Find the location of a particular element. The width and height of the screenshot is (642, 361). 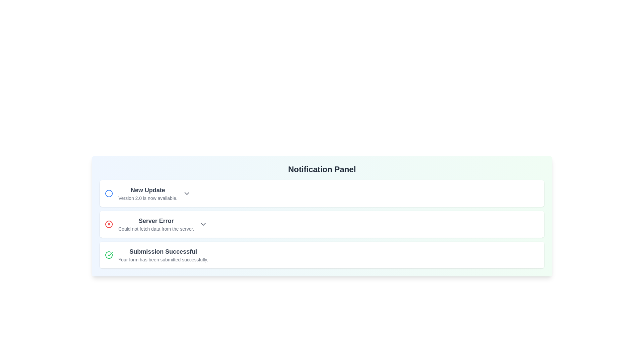

the checkmark vector graphic within the 'Submission Successful' notification is located at coordinates (110, 254).